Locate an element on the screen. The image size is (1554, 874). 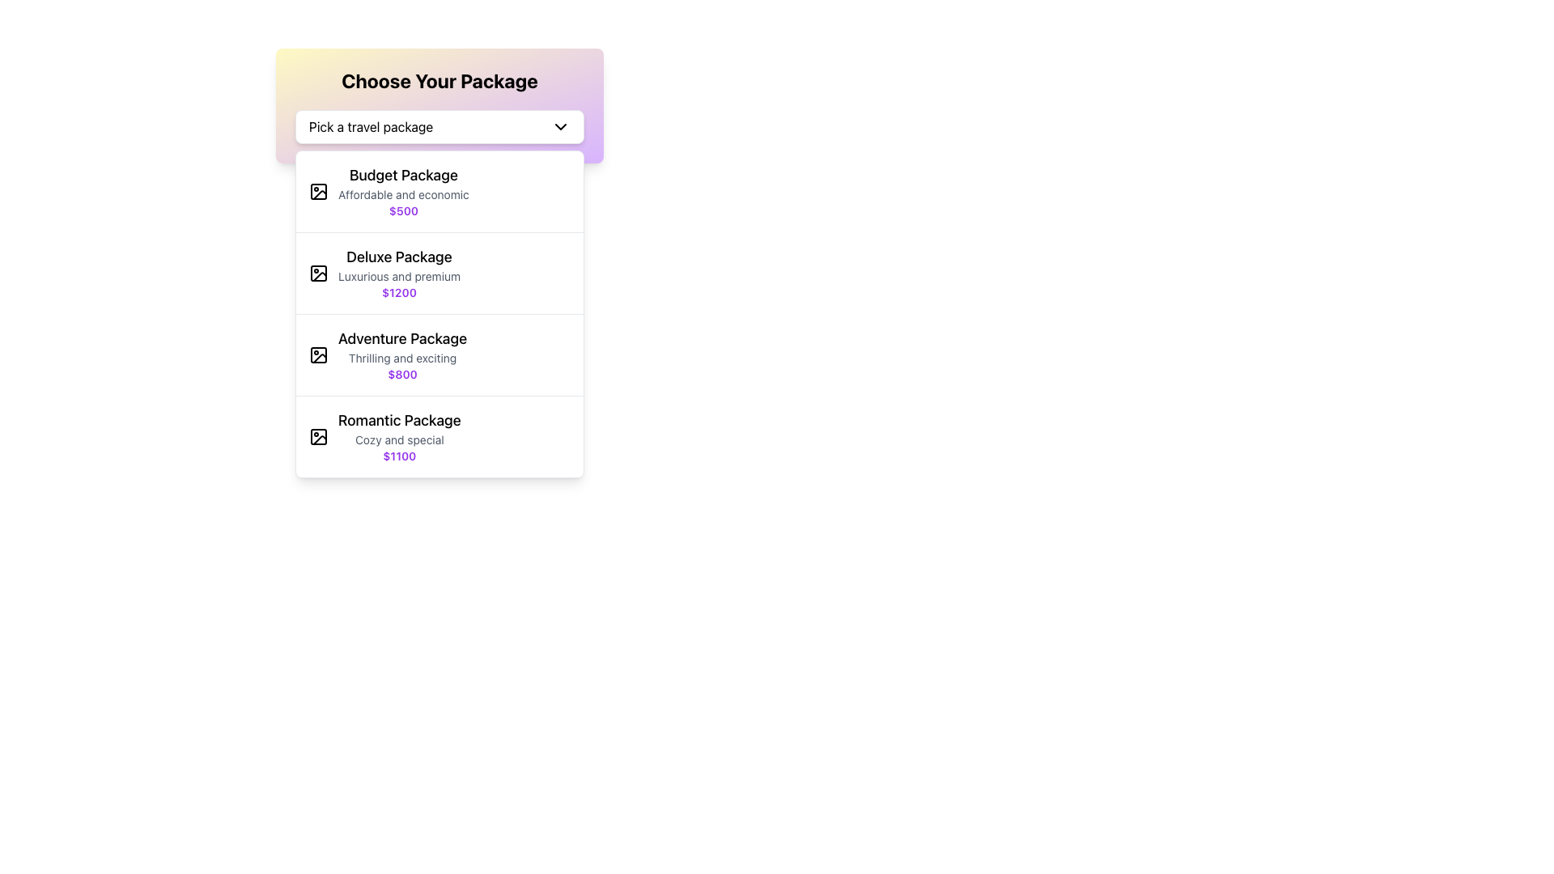
the 'Deluxe Package' text label, which is the second item in the list of package descriptions and pricing, displayed in bold sans-serif font is located at coordinates (399, 256).